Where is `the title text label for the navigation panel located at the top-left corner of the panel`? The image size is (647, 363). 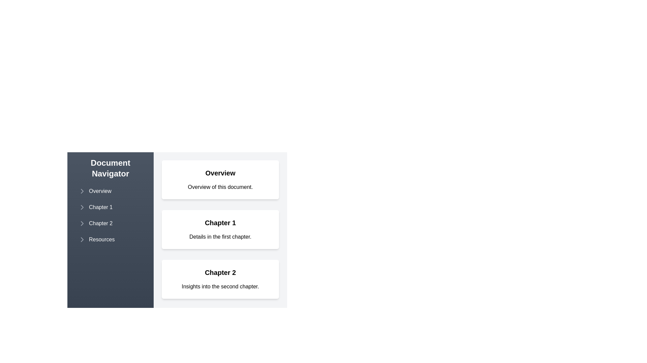 the title text label for the navigation panel located at the top-left corner of the panel is located at coordinates (110, 168).